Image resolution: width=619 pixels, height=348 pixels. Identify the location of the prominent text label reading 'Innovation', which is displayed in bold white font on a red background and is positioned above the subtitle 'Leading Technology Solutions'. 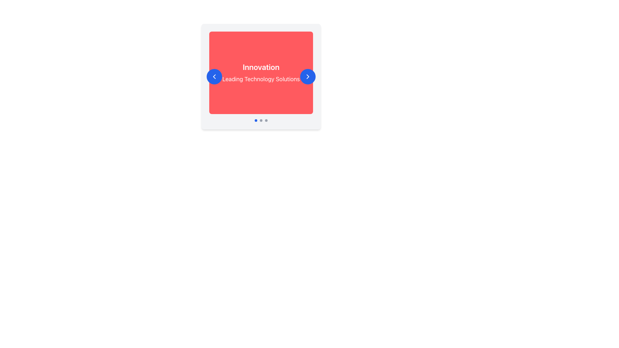
(261, 67).